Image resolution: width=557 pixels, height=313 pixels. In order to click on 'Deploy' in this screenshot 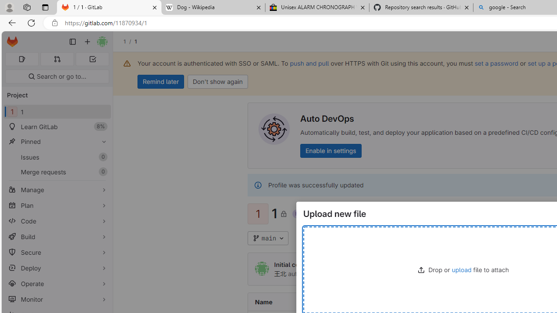, I will do `click(57, 267)`.